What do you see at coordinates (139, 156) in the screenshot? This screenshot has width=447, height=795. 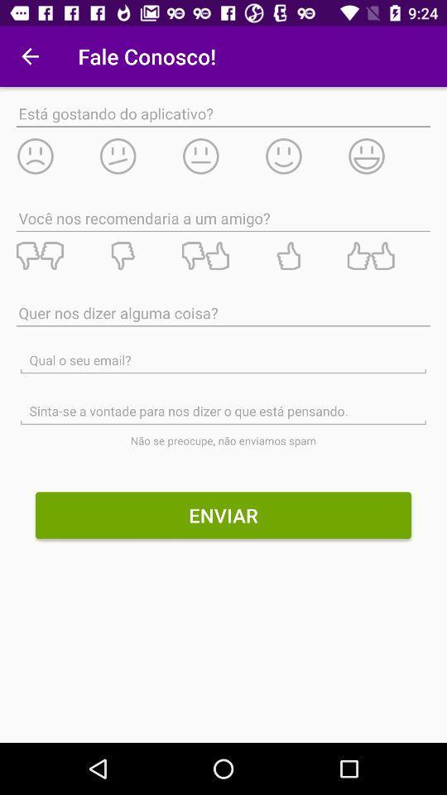 I see `un poco infeliz` at bounding box center [139, 156].